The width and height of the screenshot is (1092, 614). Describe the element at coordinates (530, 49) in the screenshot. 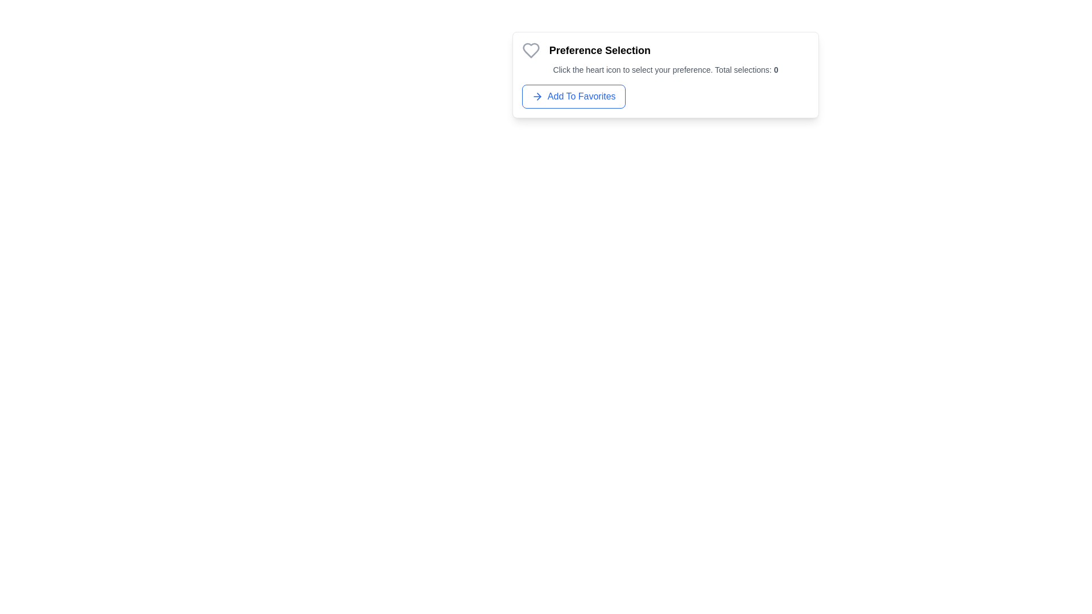

I see `the heart-shaped icon with a gray outline located near the heading 'Preference Selection'` at that location.